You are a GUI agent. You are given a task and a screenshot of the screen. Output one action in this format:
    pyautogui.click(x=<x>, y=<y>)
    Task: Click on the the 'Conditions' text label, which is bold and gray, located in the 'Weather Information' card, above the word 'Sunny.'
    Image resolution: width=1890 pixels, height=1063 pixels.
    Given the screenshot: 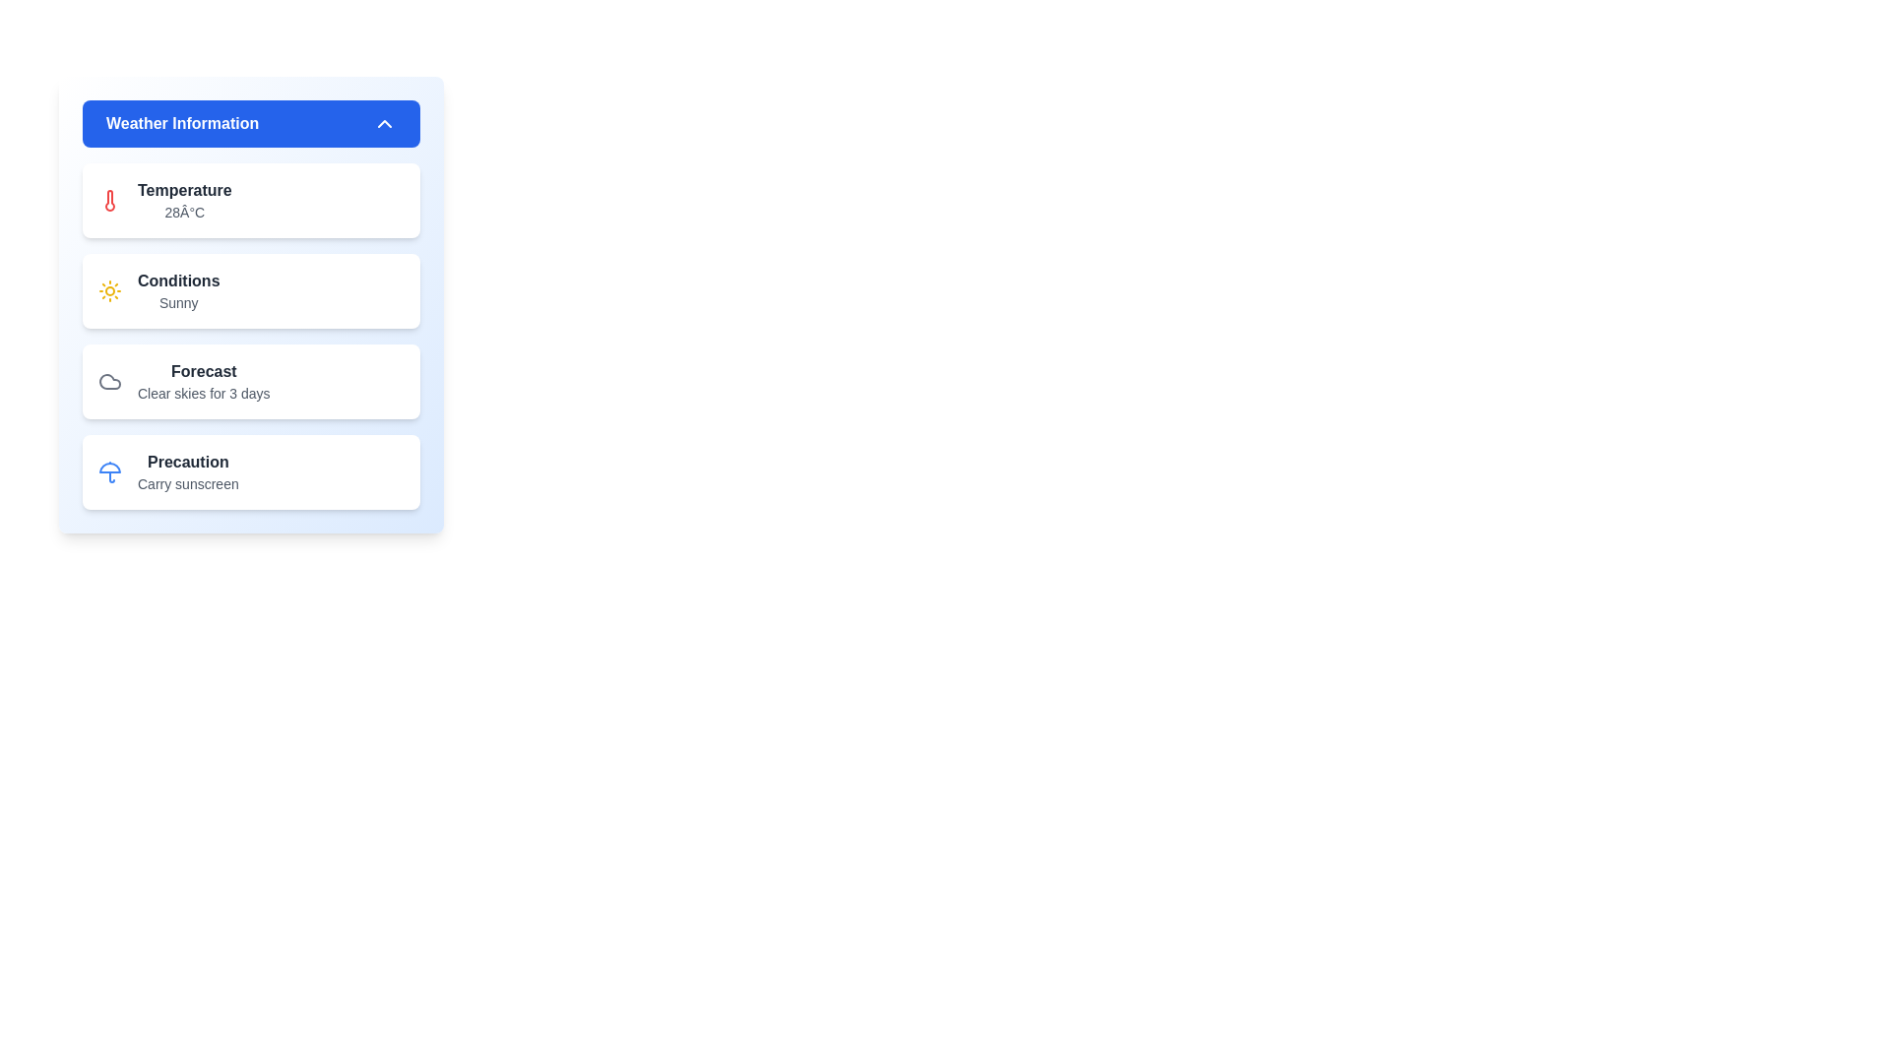 What is the action you would take?
    pyautogui.click(x=178, y=281)
    